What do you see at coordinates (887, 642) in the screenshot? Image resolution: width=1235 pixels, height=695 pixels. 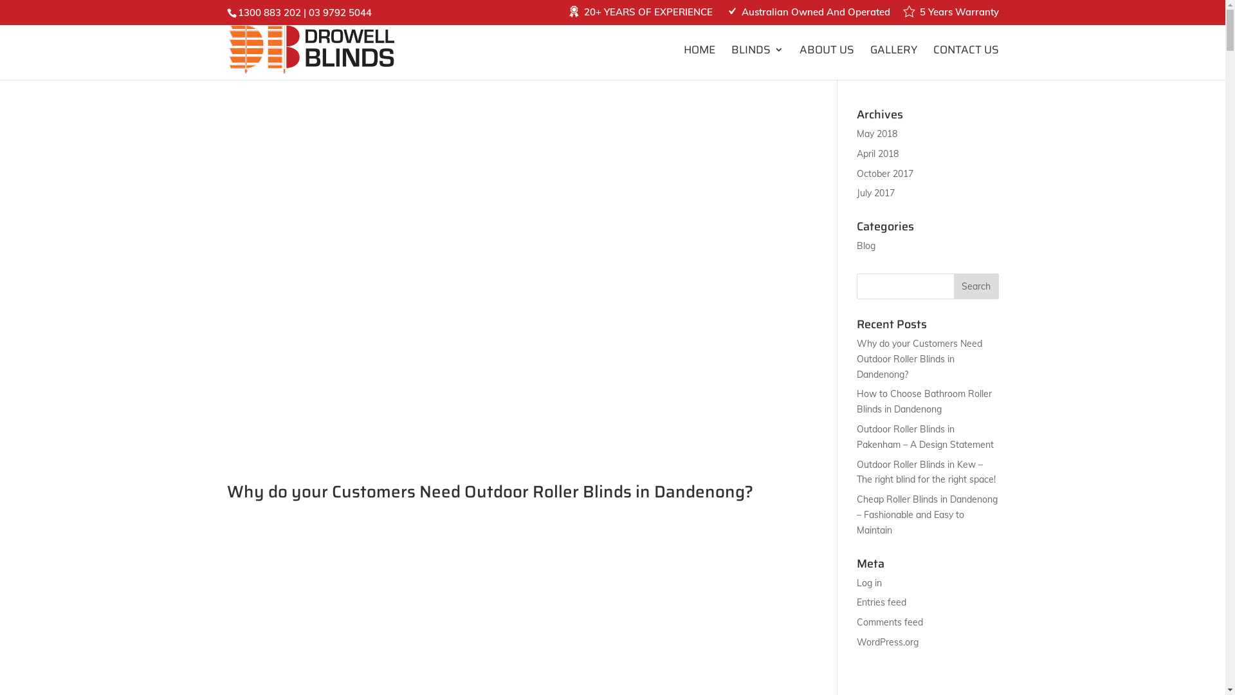 I see `'WordPress.org'` at bounding box center [887, 642].